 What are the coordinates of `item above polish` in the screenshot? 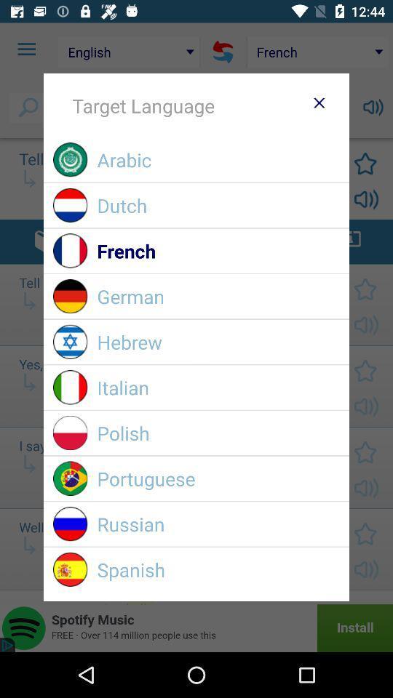 It's located at (218, 387).